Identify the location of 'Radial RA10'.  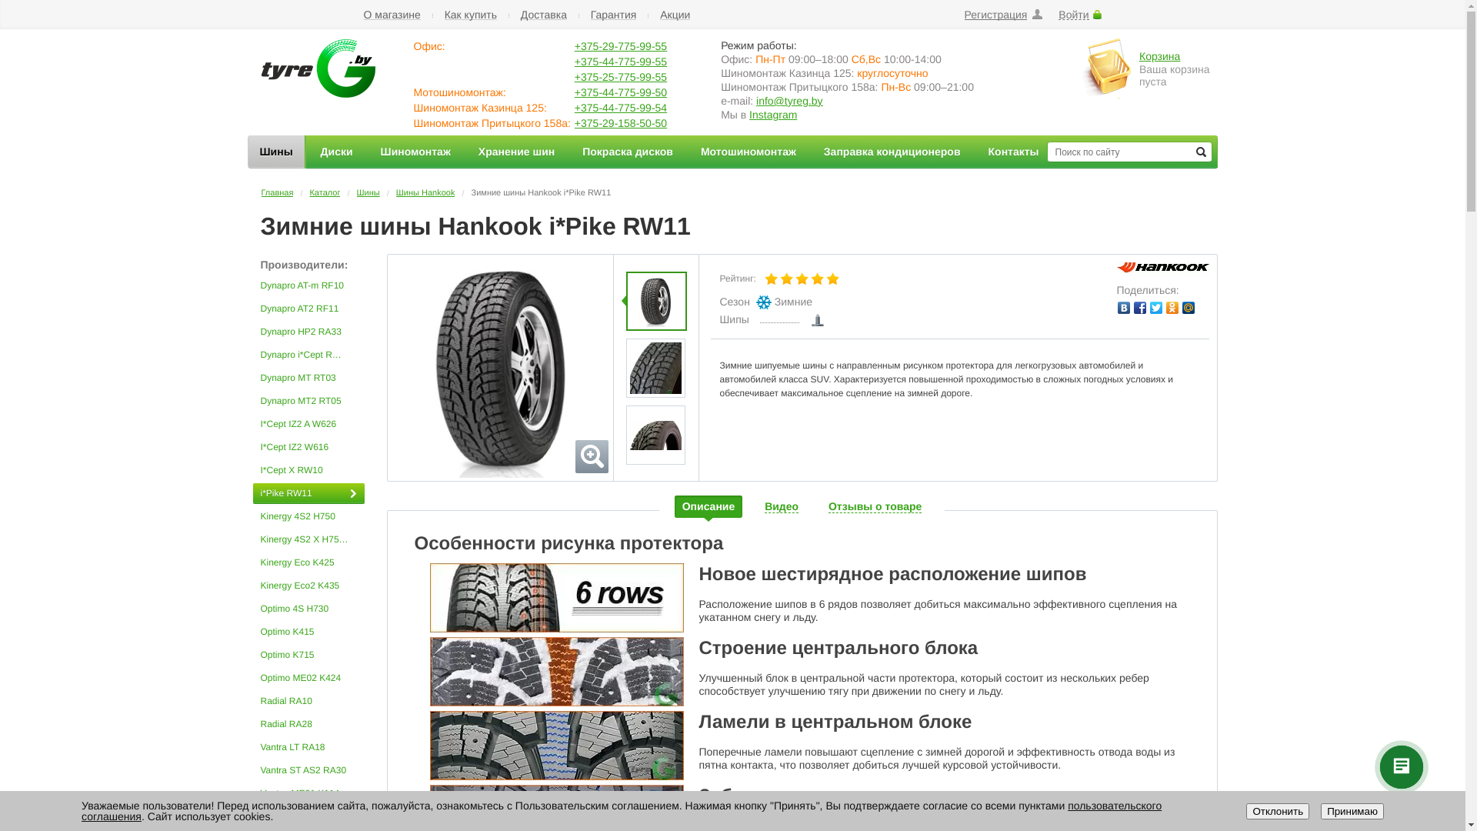
(308, 701).